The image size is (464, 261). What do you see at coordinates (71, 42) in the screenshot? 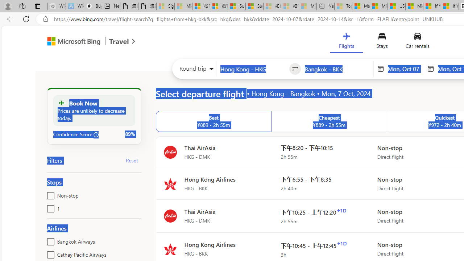
I see `'Microsoft Bing'` at bounding box center [71, 42].